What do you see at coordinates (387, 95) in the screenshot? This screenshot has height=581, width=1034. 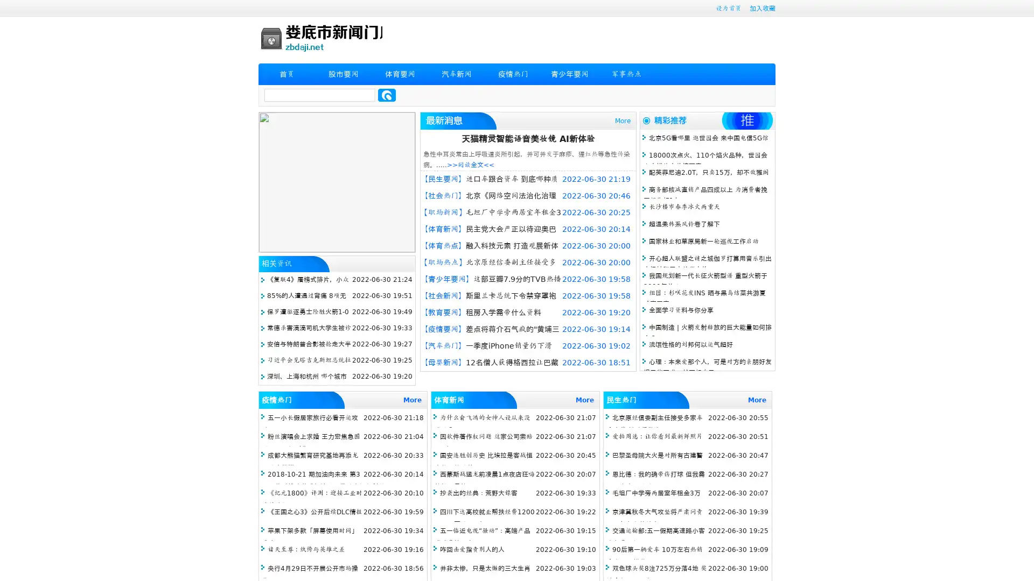 I see `Search` at bounding box center [387, 95].